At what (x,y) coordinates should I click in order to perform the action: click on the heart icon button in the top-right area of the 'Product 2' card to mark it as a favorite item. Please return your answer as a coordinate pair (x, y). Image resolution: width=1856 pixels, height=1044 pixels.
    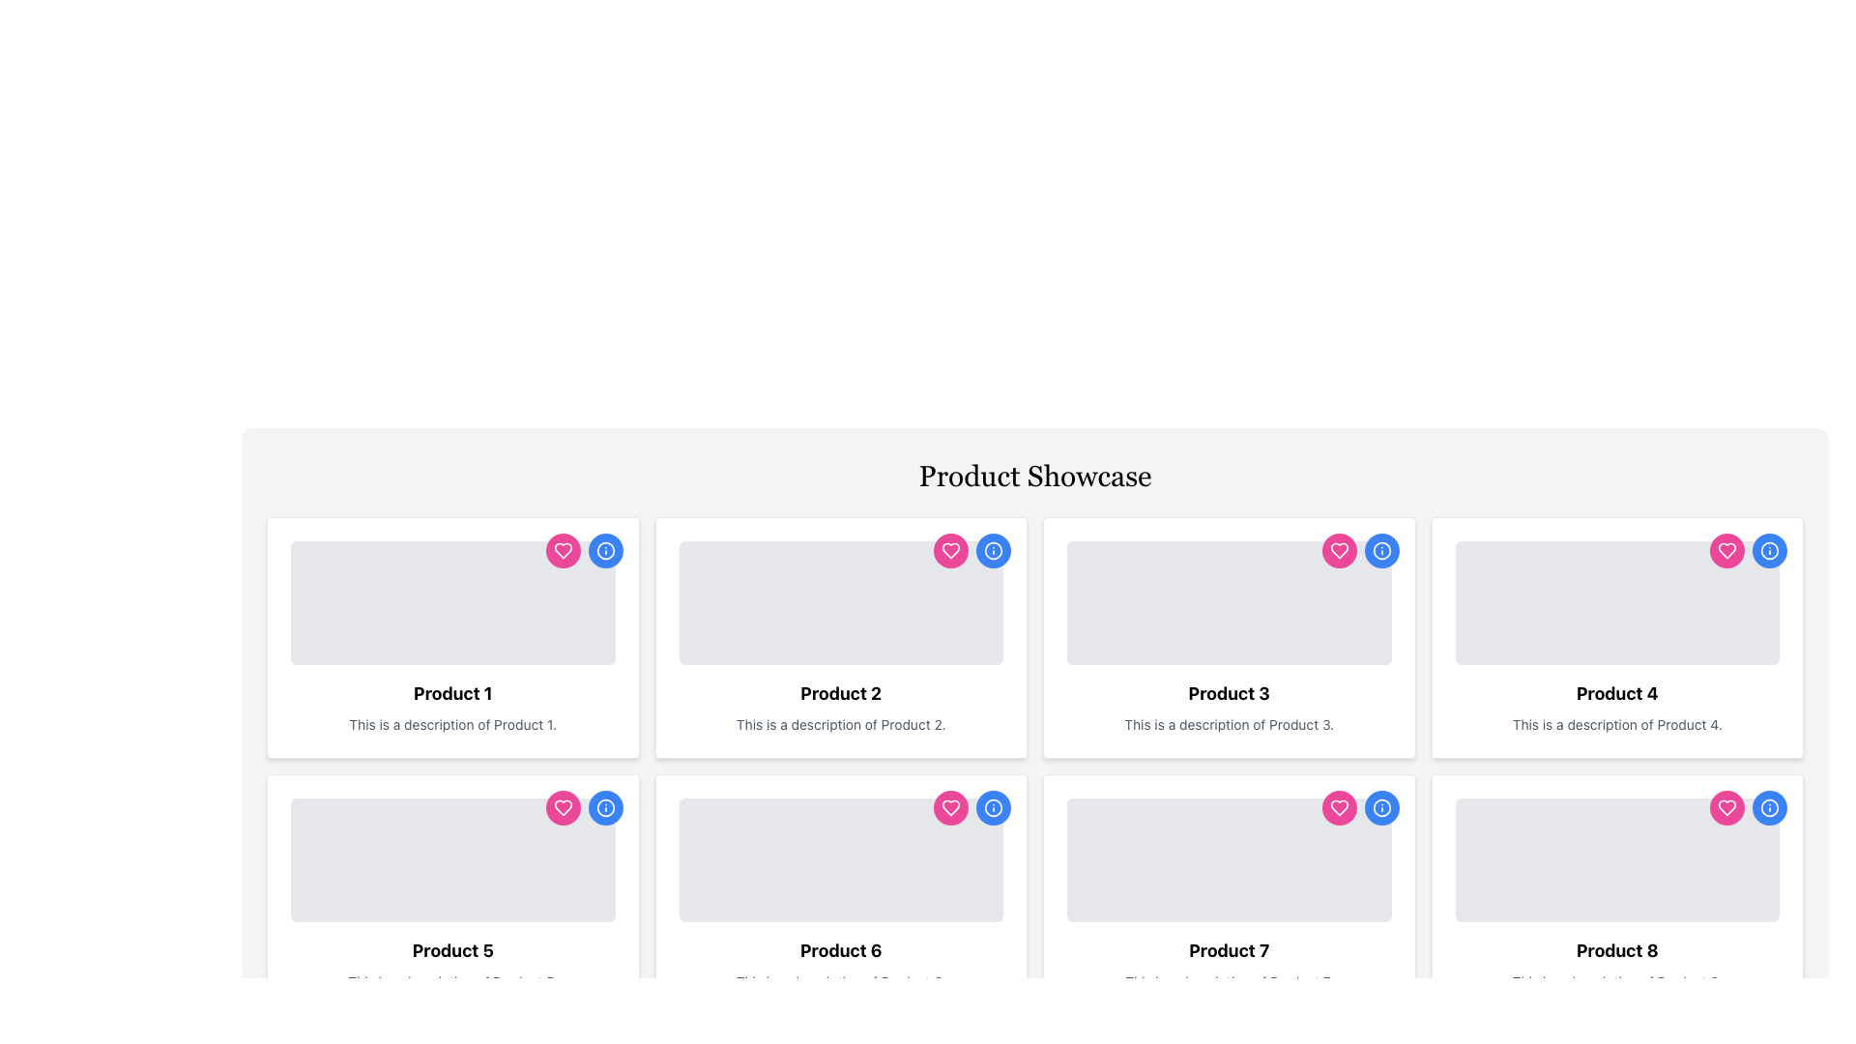
    Looking at the image, I should click on (950, 551).